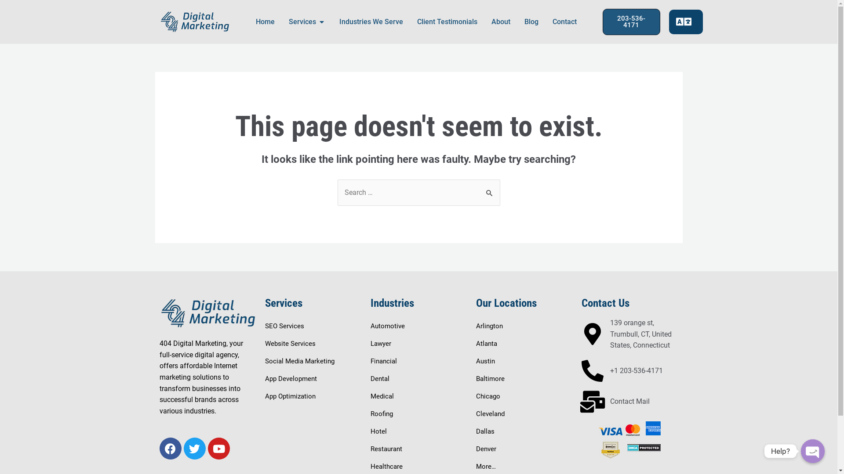  What do you see at coordinates (564, 22) in the screenshot?
I see `'Contact'` at bounding box center [564, 22].